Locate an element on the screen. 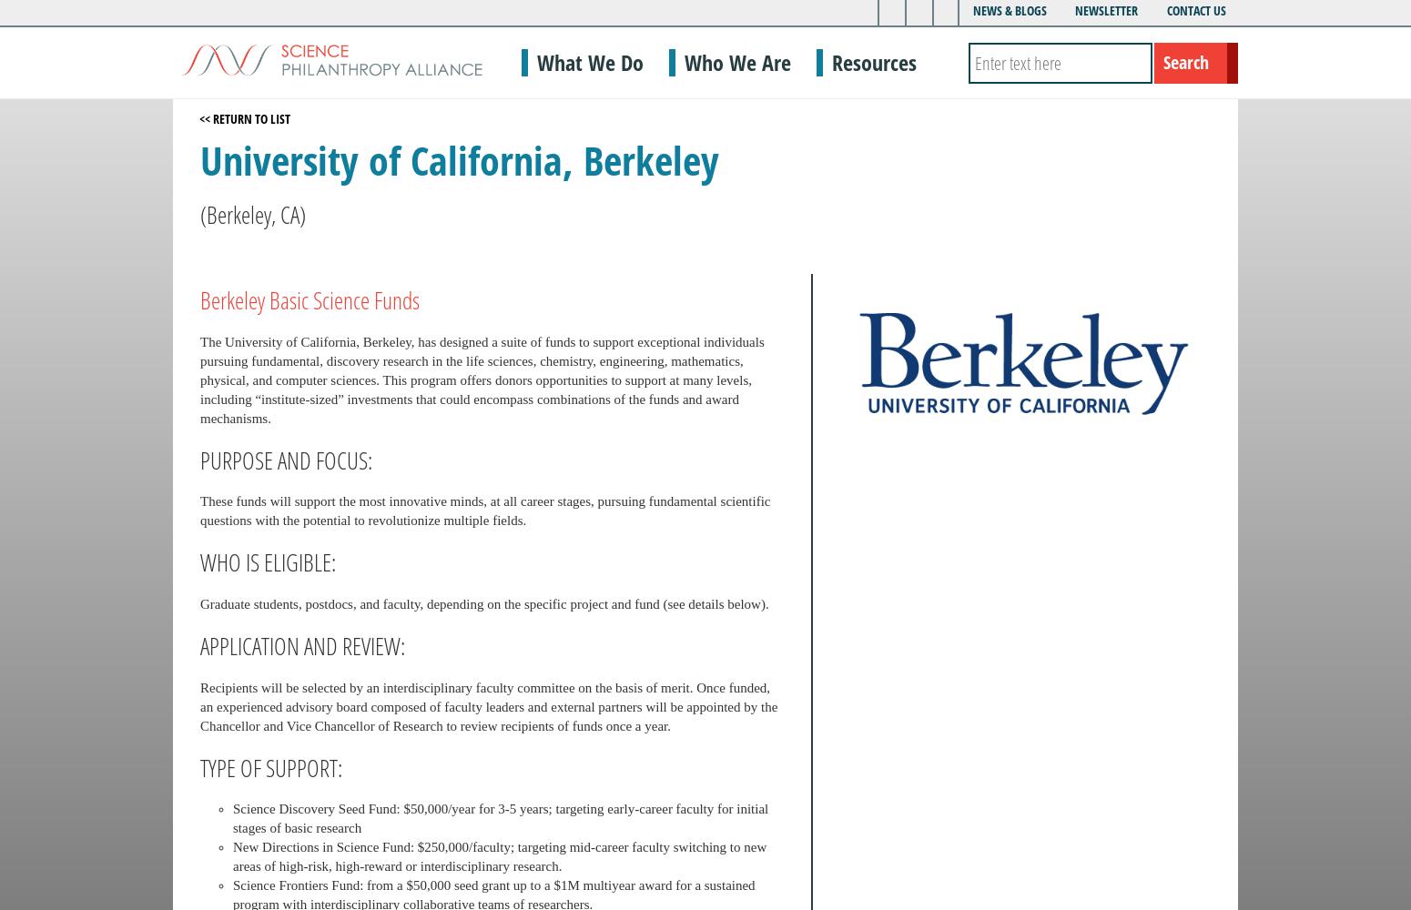 Image resolution: width=1411 pixels, height=910 pixels. '(Berkeley, CA)' is located at coordinates (253, 213).